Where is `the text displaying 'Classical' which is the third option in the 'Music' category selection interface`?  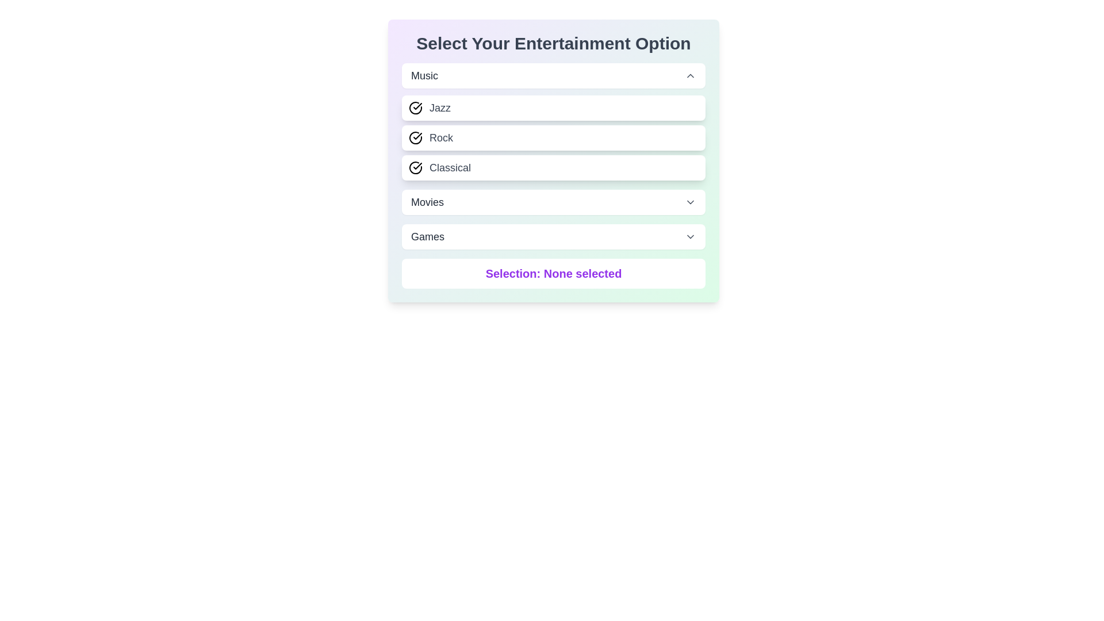
the text displaying 'Classical' which is the third option in the 'Music' category selection interface is located at coordinates (449, 168).